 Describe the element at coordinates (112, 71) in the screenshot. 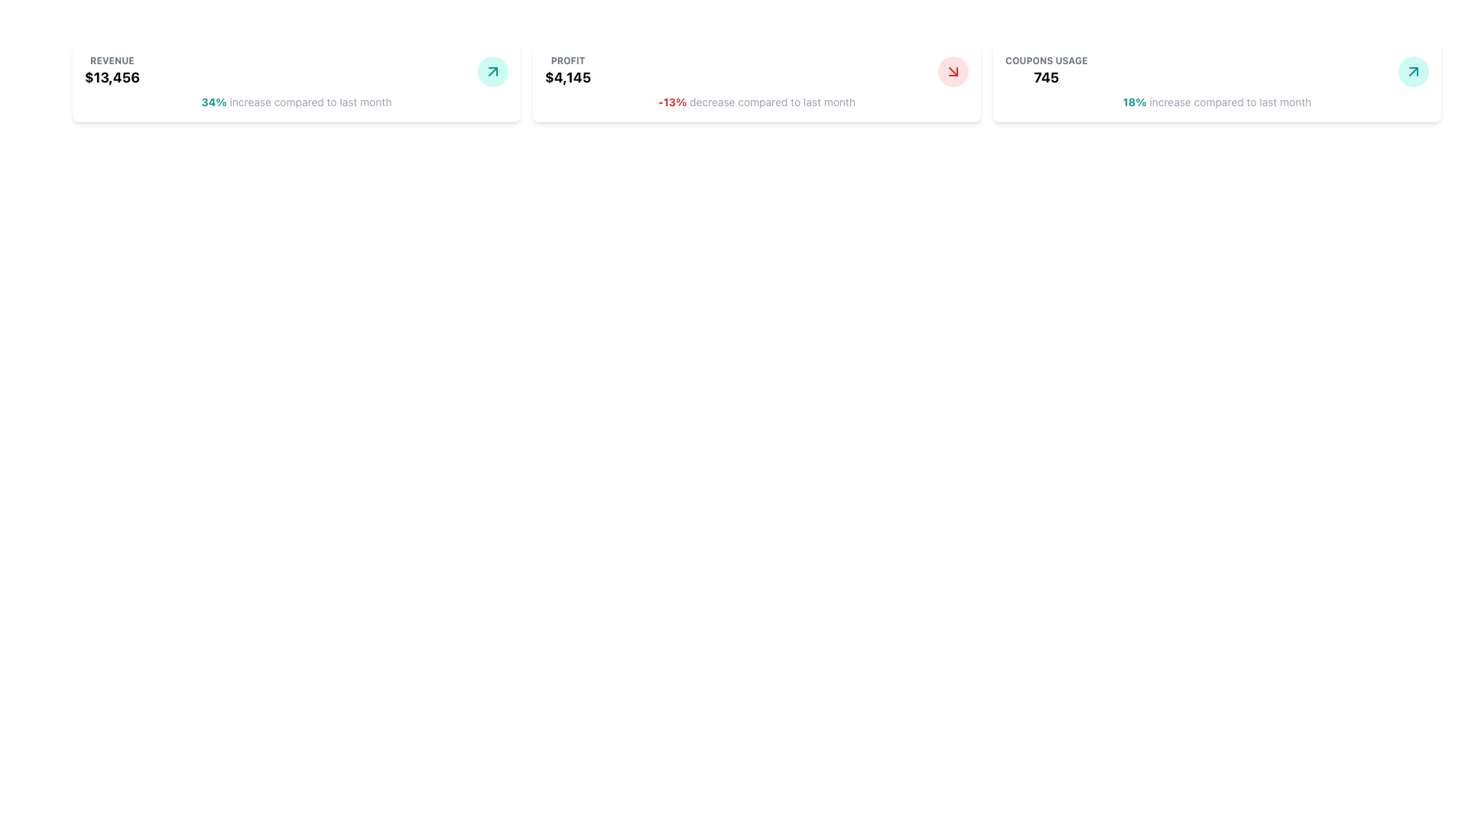

I see `the text block displaying the financial metric related to revenue, located above the numeric value '$13,456'` at that location.